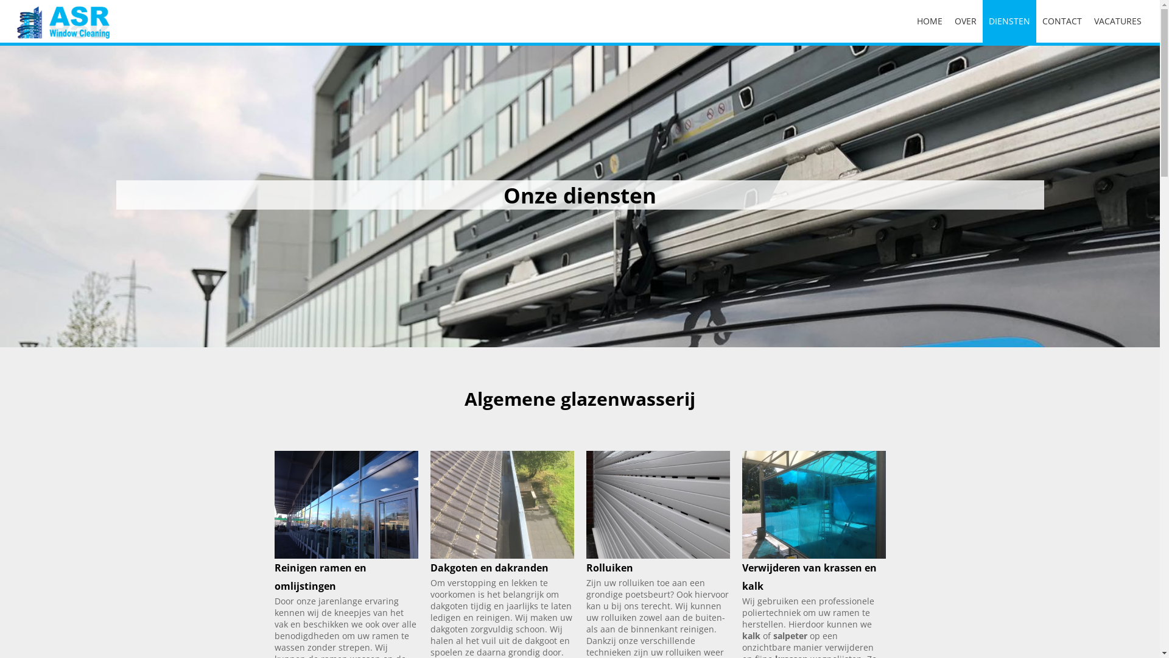  I want to click on 'CONTACT', so click(1061, 21).